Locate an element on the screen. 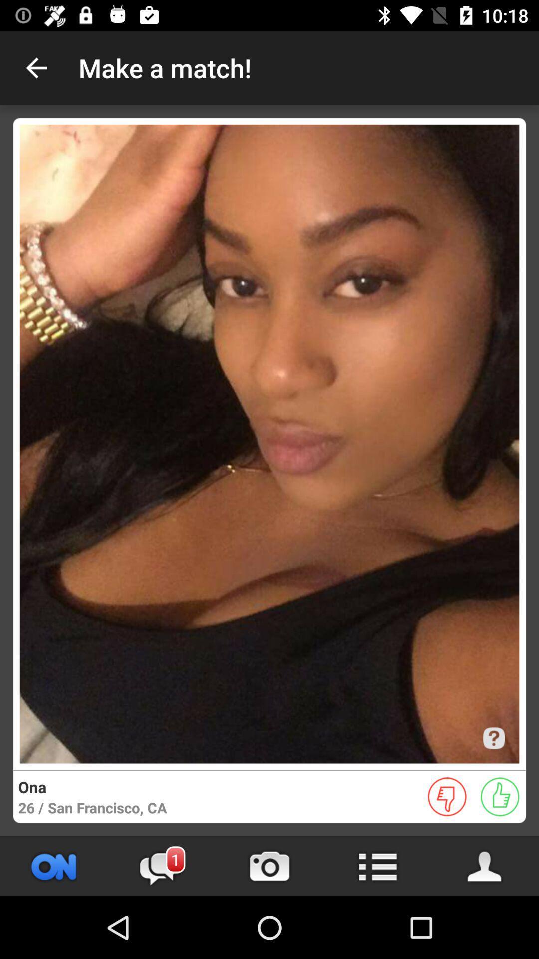  the sliders icon is located at coordinates (54, 866).